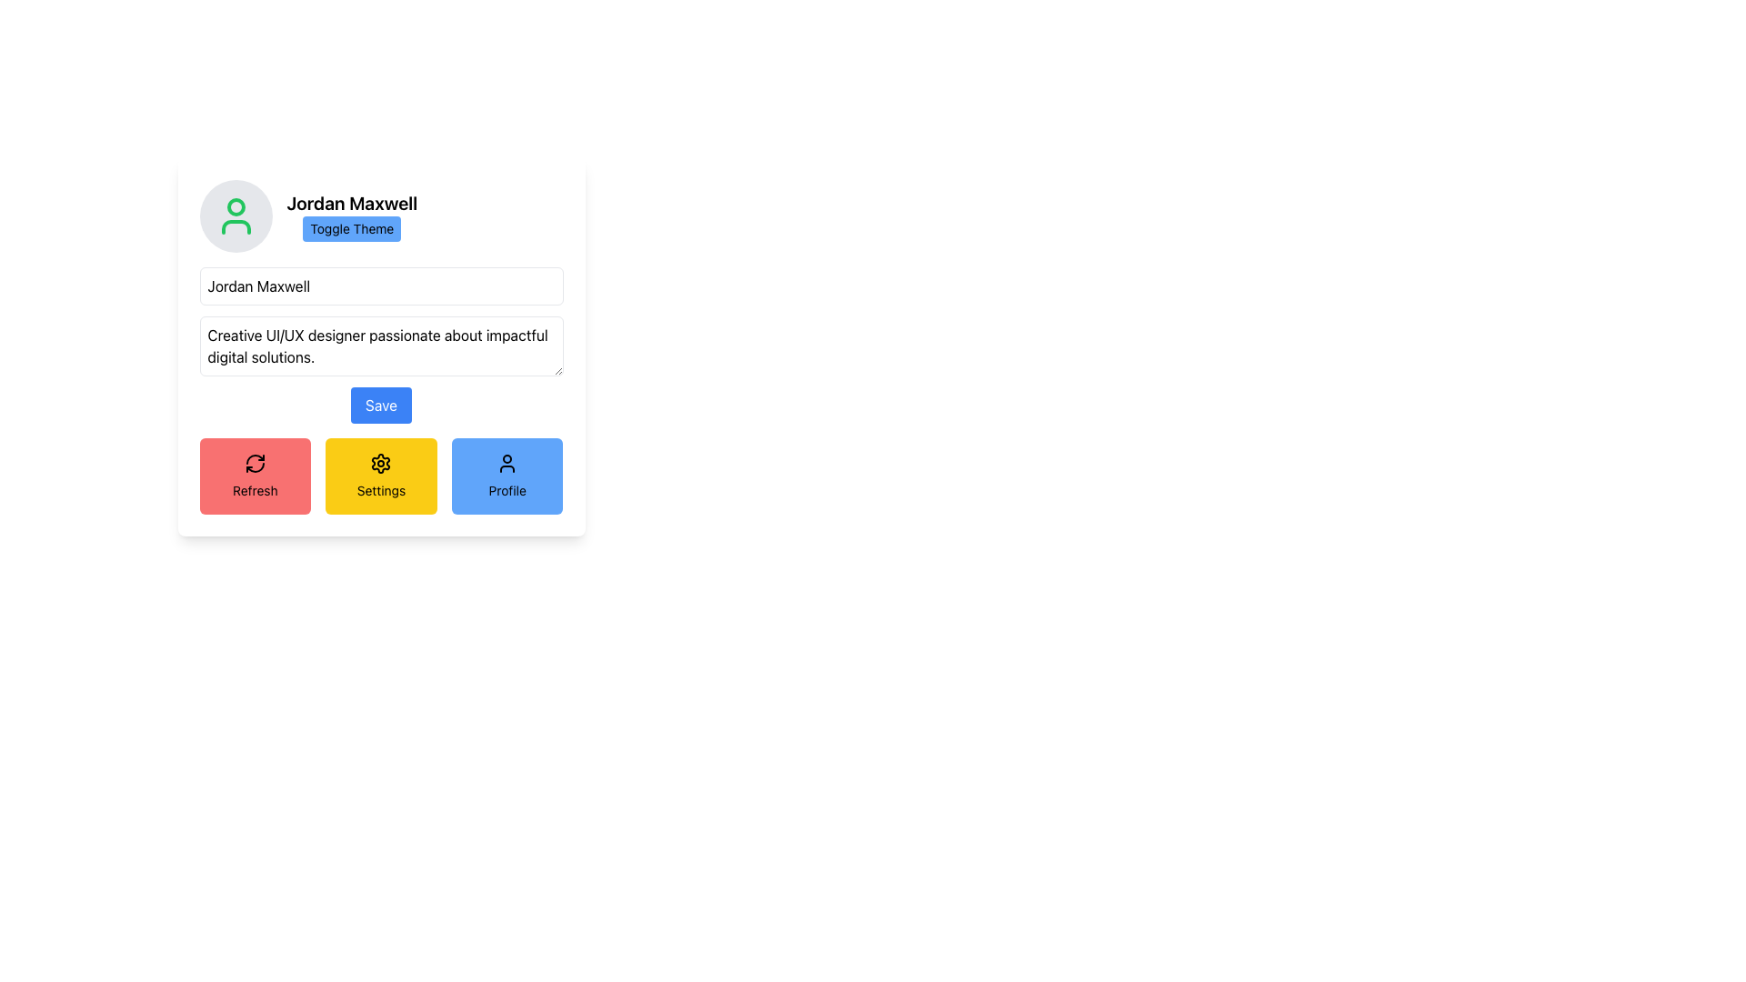 Image resolution: width=1746 pixels, height=982 pixels. Describe the element at coordinates (352, 215) in the screenshot. I see `the 'Toggle Theme' button within the user profile component, which displays the user's name and is located near the top-left corner of the interface, adjacent to a circular icon or avatar` at that location.